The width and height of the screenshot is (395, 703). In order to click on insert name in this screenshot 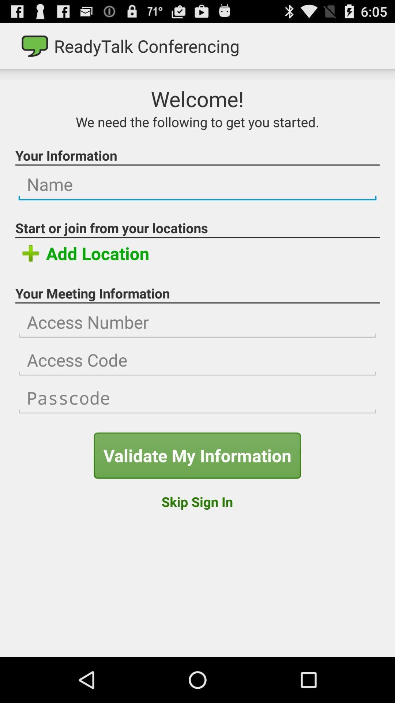, I will do `click(197, 185)`.